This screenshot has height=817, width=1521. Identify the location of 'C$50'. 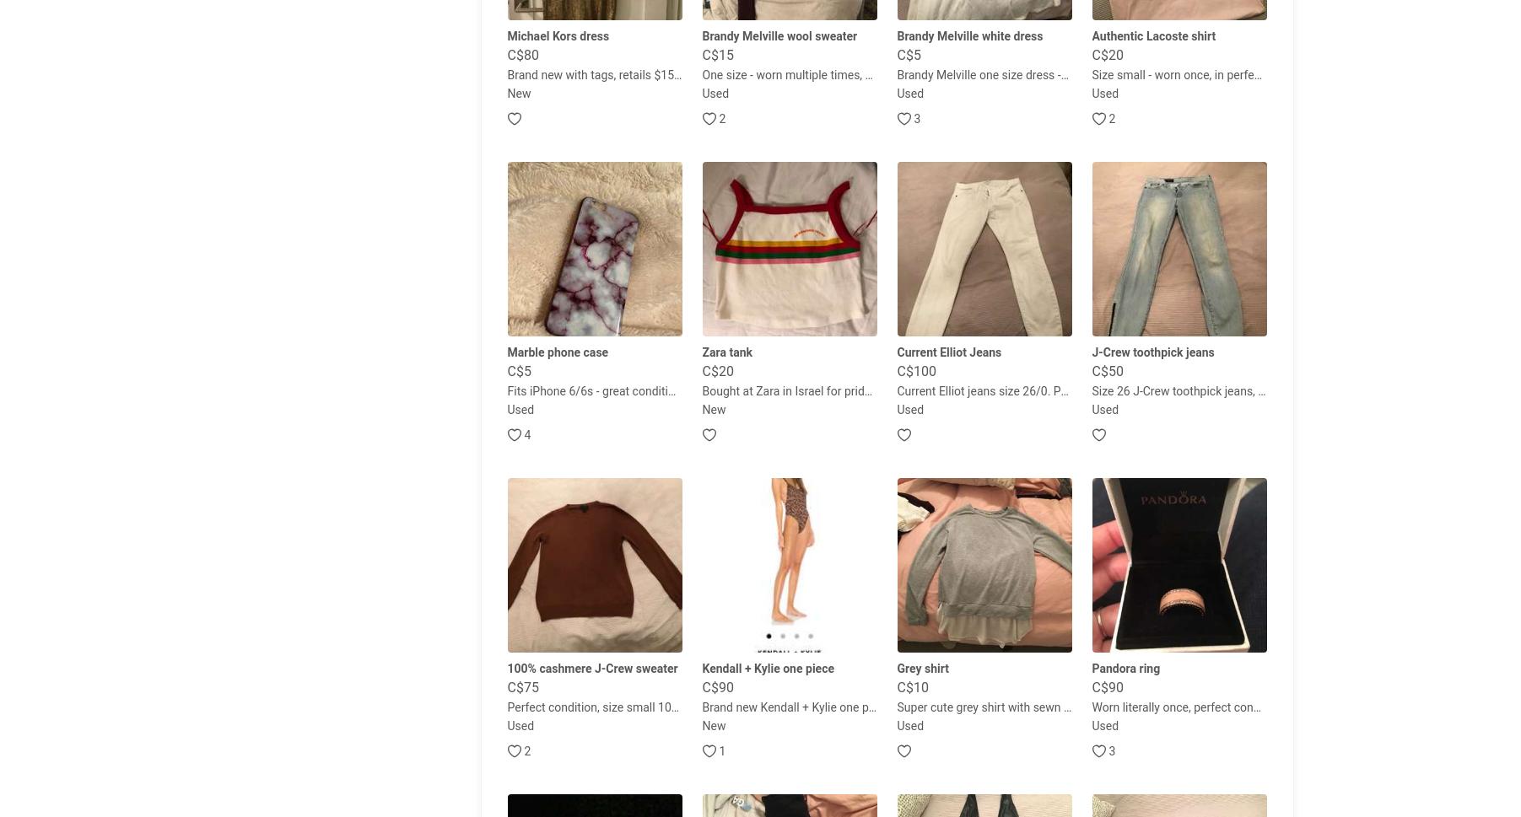
(1106, 370).